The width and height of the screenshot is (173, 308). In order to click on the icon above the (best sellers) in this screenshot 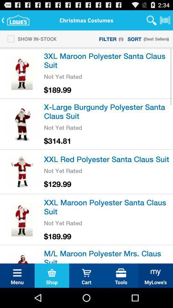, I will do `click(165, 20)`.